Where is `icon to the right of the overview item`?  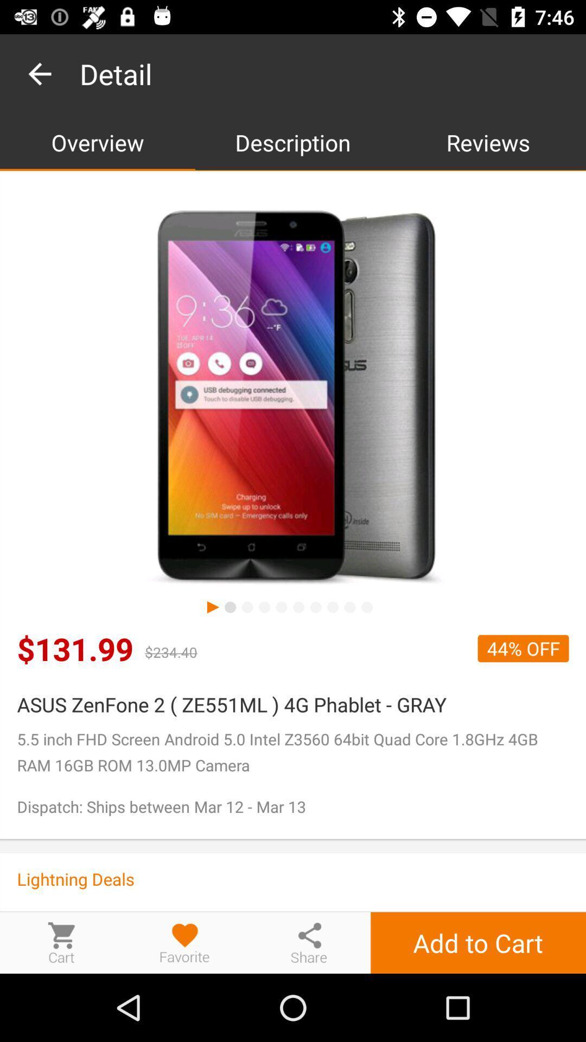 icon to the right of the overview item is located at coordinates (293, 142).